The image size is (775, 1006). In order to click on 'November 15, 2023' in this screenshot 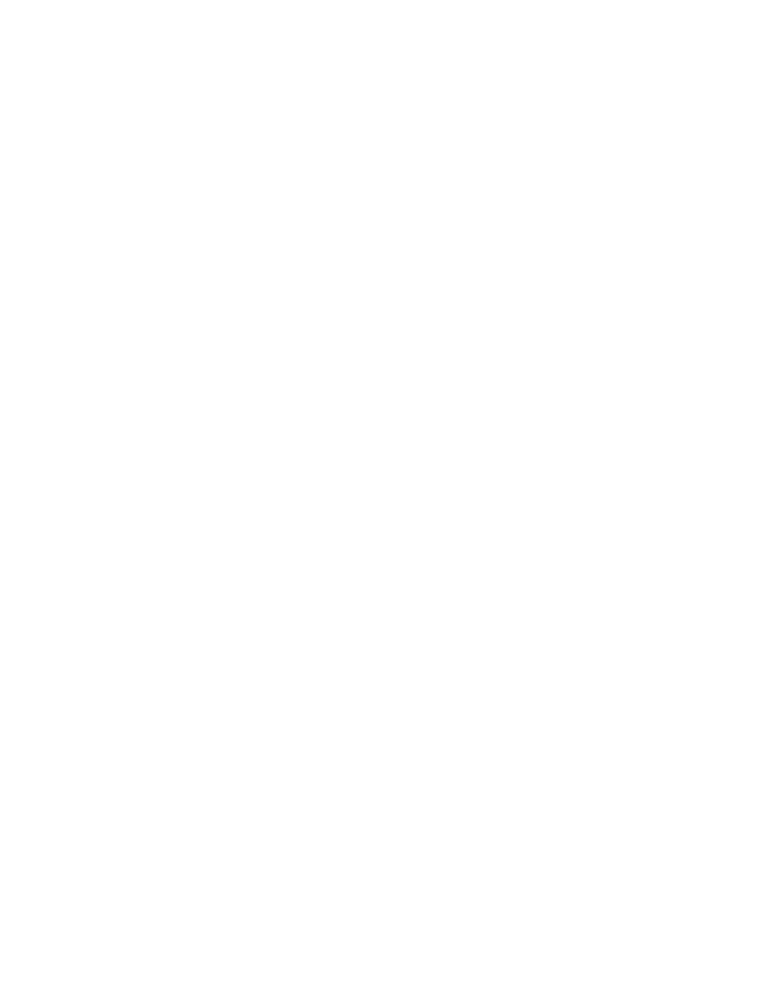, I will do `click(381, 168)`.